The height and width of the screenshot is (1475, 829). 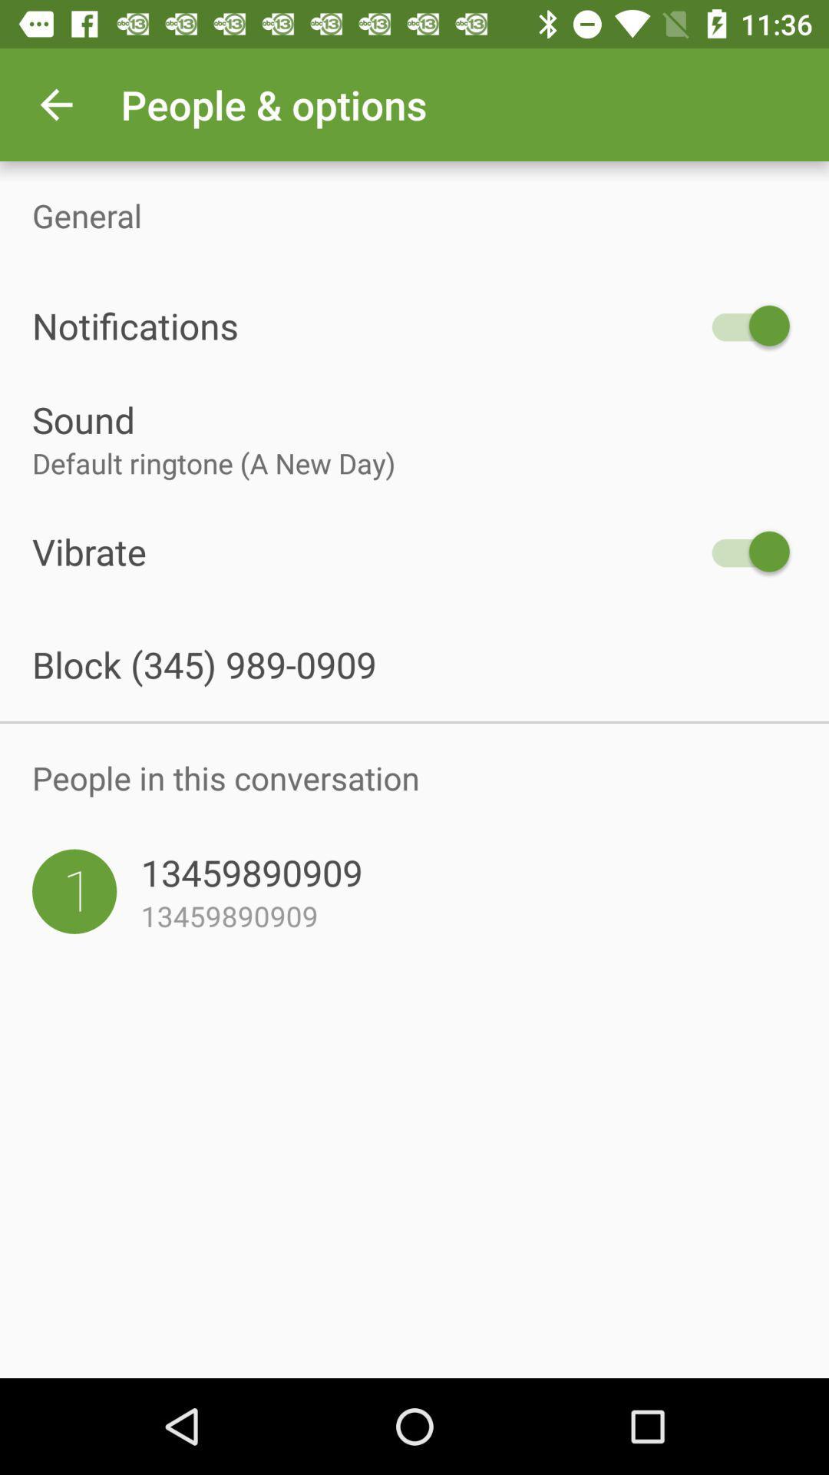 I want to click on the icon next to the people & options, so click(x=55, y=104).